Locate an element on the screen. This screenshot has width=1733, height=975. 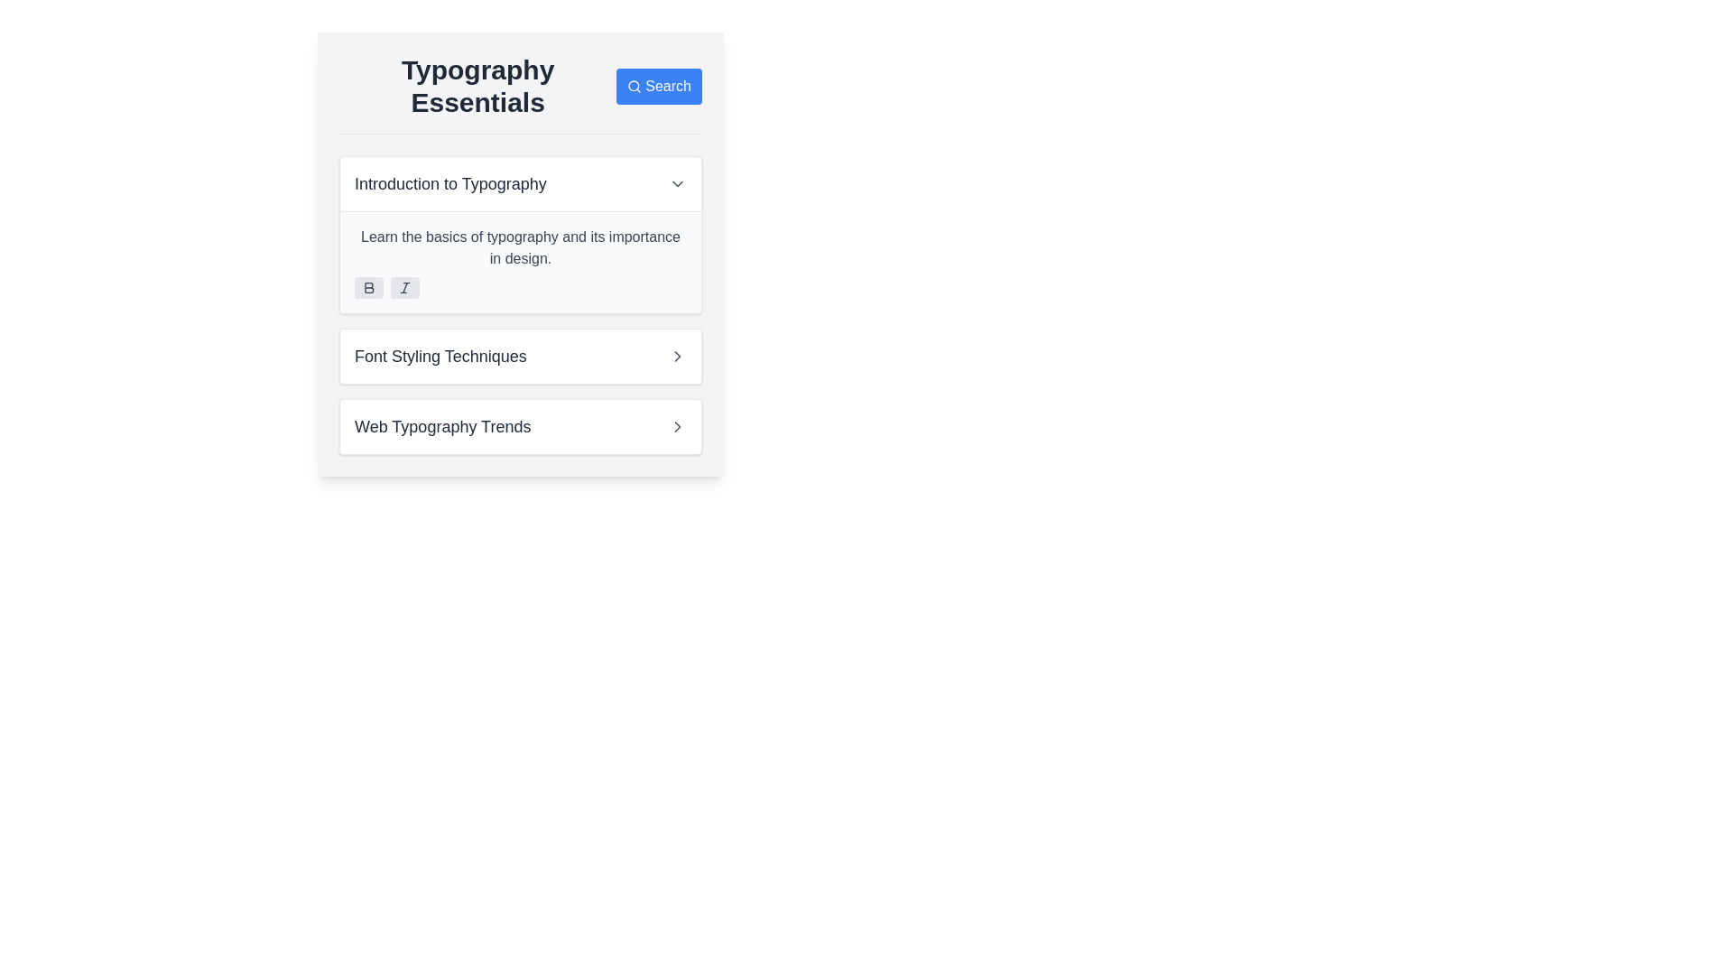
the search button located in the top-right corner of the 'Typography Essentials' section to initiate a search is located at coordinates (658, 87).